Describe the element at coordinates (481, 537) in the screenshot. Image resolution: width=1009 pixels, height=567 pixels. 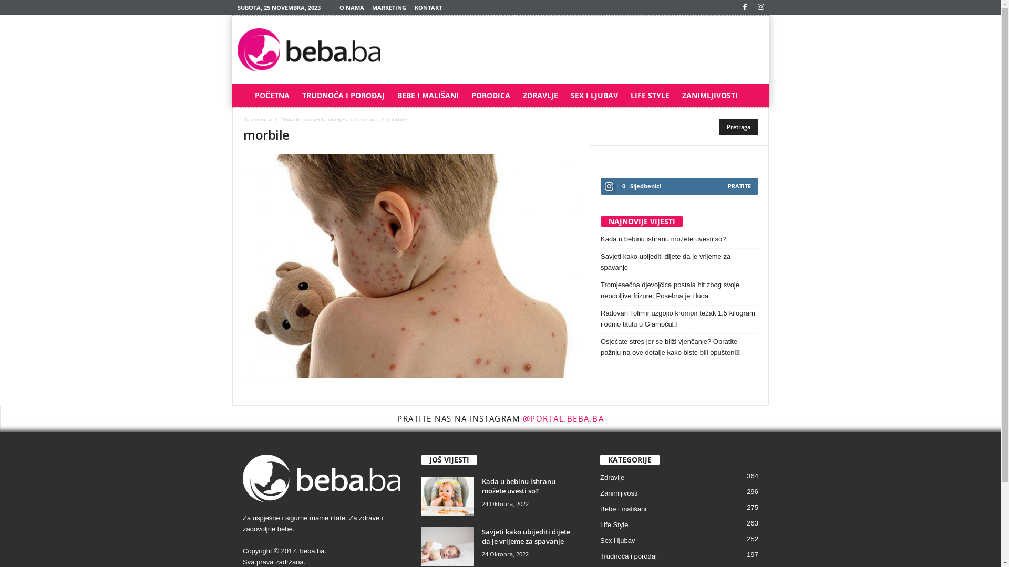
I see `'Savjeti kako ubijediti dijete da je vrijeme za spavanje'` at that location.